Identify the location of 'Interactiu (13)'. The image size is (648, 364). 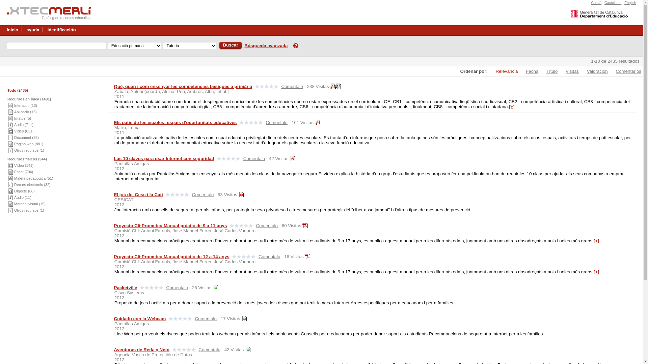
(14, 105).